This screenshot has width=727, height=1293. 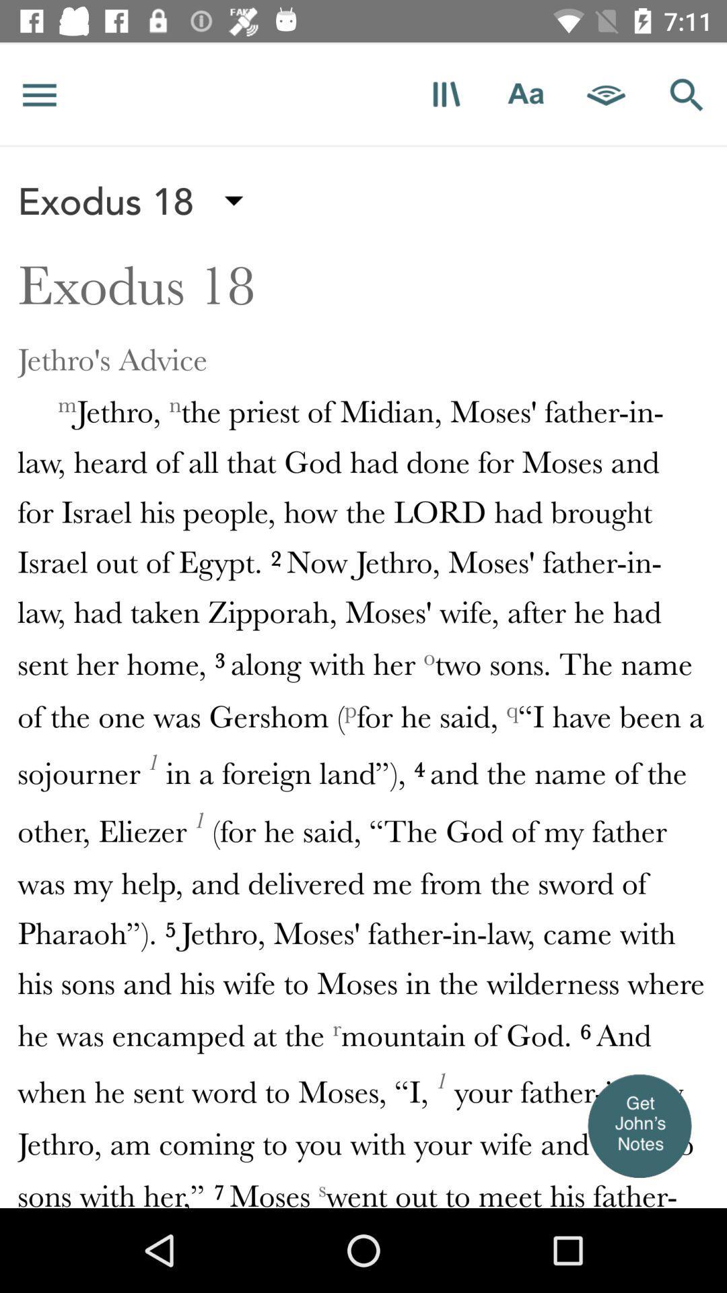 What do you see at coordinates (39, 94) in the screenshot?
I see `site index` at bounding box center [39, 94].